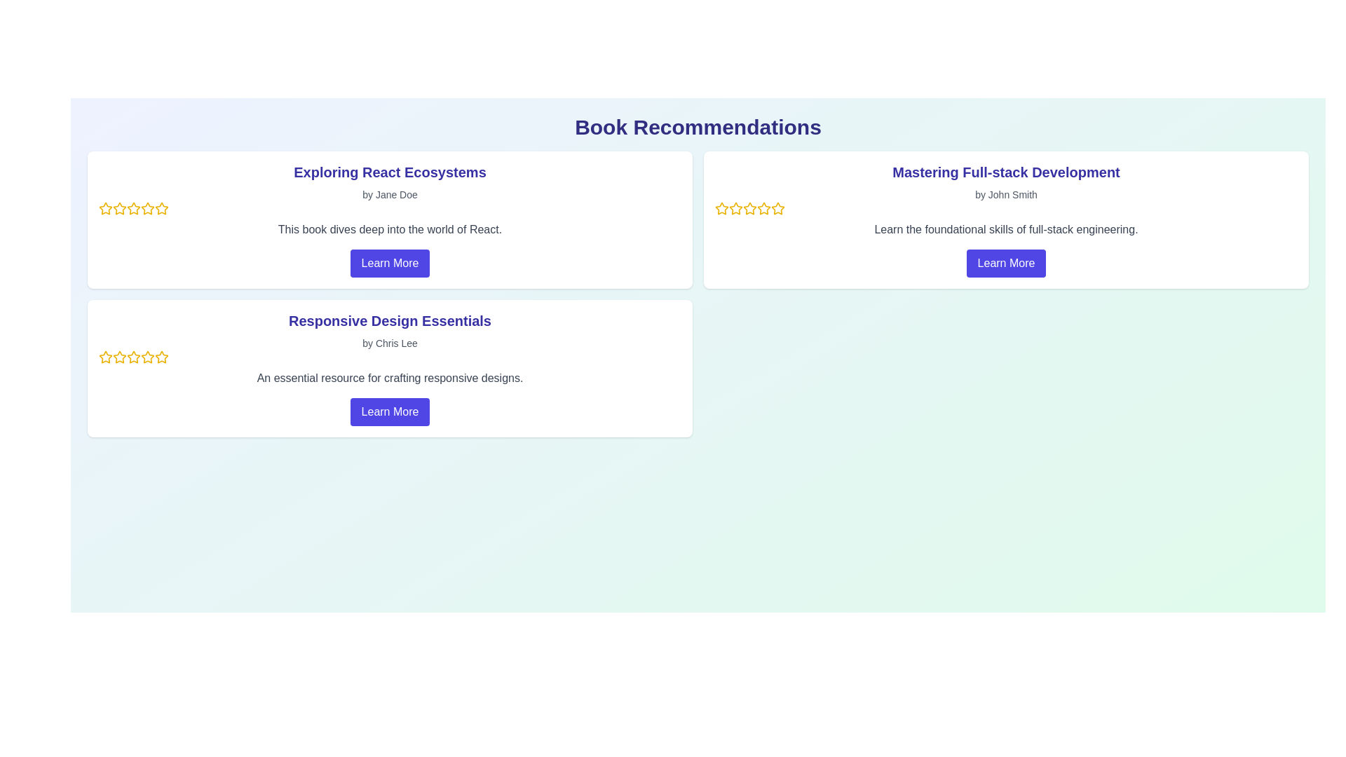  I want to click on the static text element reading 'by Chris Lee', which is styled in gray and located beneath the title 'Responsive Design Essentials', so click(390, 343).